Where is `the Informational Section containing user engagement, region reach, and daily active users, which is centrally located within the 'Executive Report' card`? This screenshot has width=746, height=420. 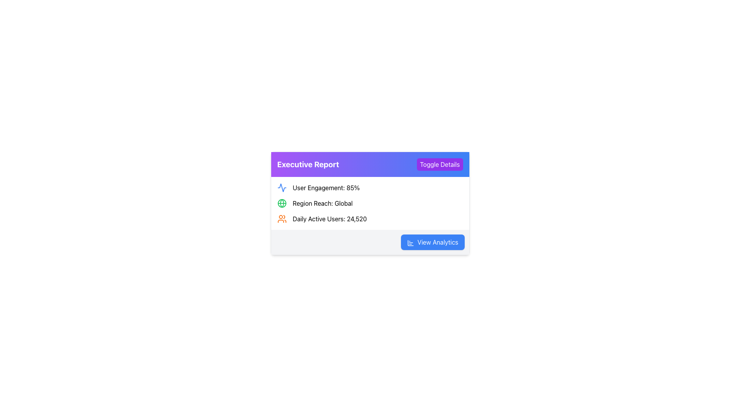 the Informational Section containing user engagement, region reach, and daily active users, which is centrally located within the 'Executive Report' card is located at coordinates (370, 203).